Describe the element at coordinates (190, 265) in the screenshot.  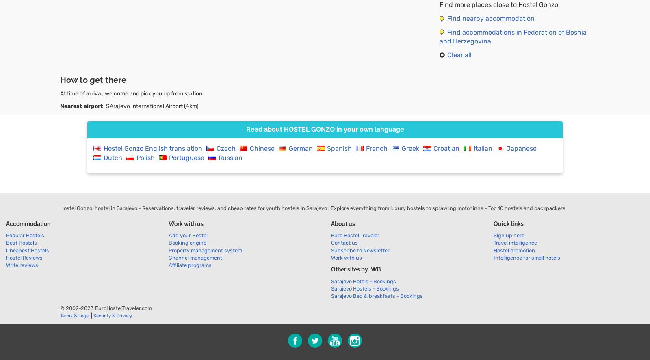
I see `'Affiliate programs'` at that location.